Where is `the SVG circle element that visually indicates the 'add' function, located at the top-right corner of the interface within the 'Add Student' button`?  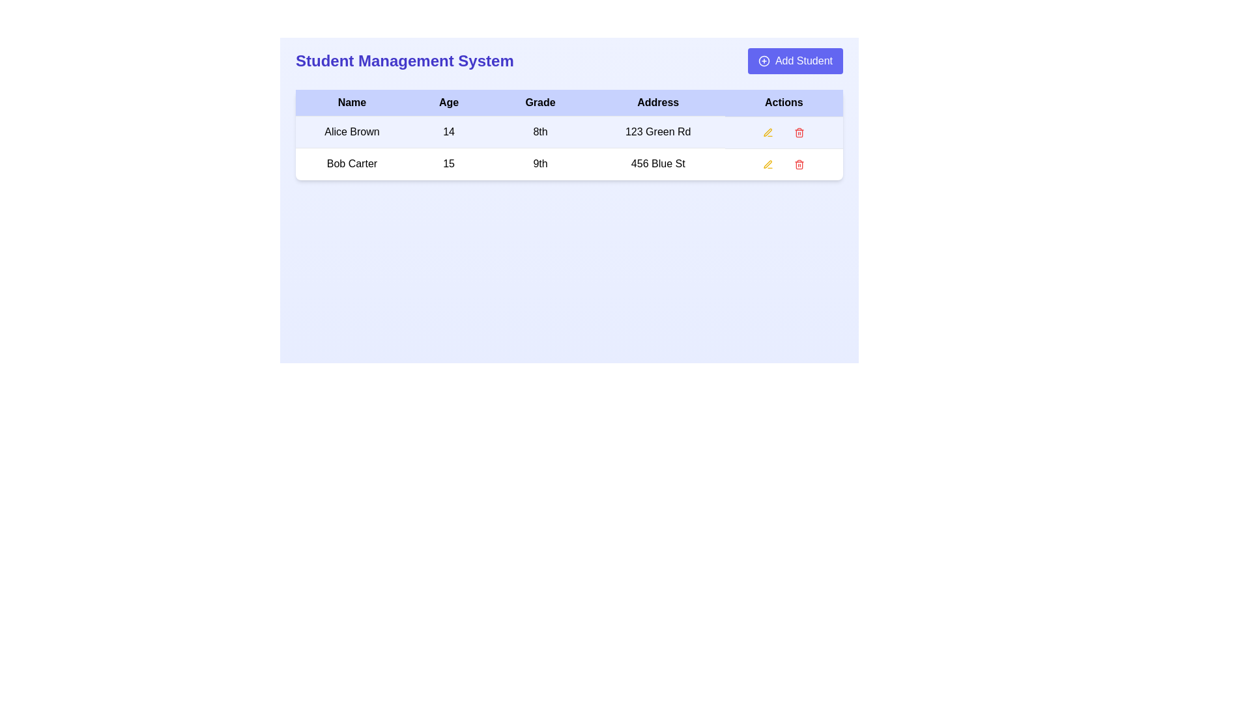
the SVG circle element that visually indicates the 'add' function, located at the top-right corner of the interface within the 'Add Student' button is located at coordinates (764, 61).